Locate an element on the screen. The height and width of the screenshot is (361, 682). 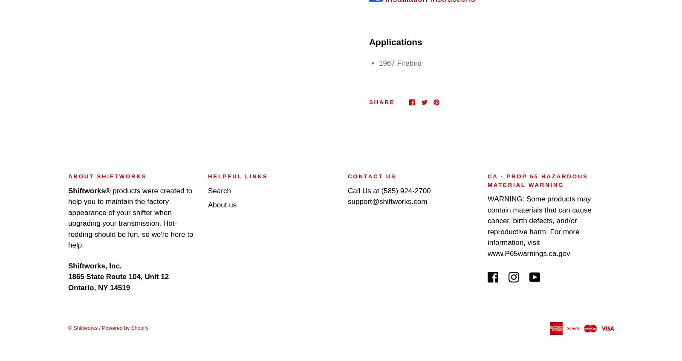
'1865 State Route 104, Unit 12' is located at coordinates (118, 277).